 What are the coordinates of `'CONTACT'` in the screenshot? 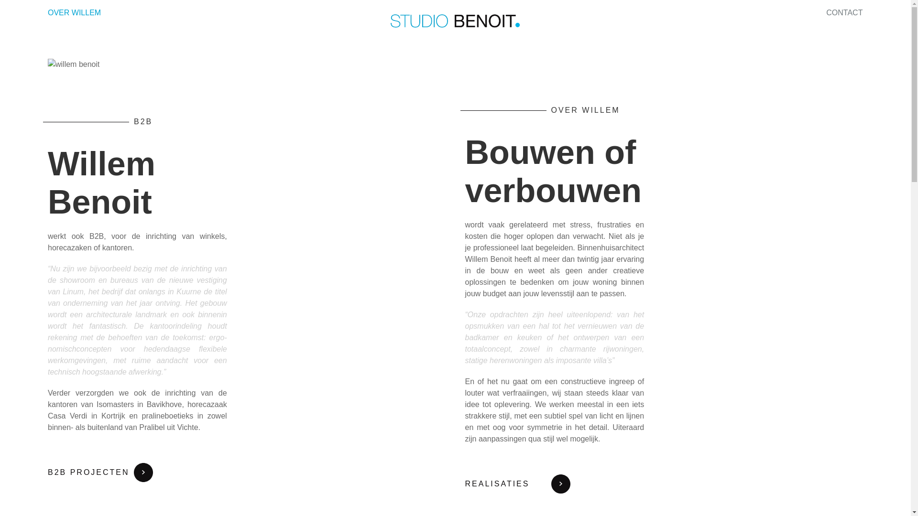 It's located at (844, 12).